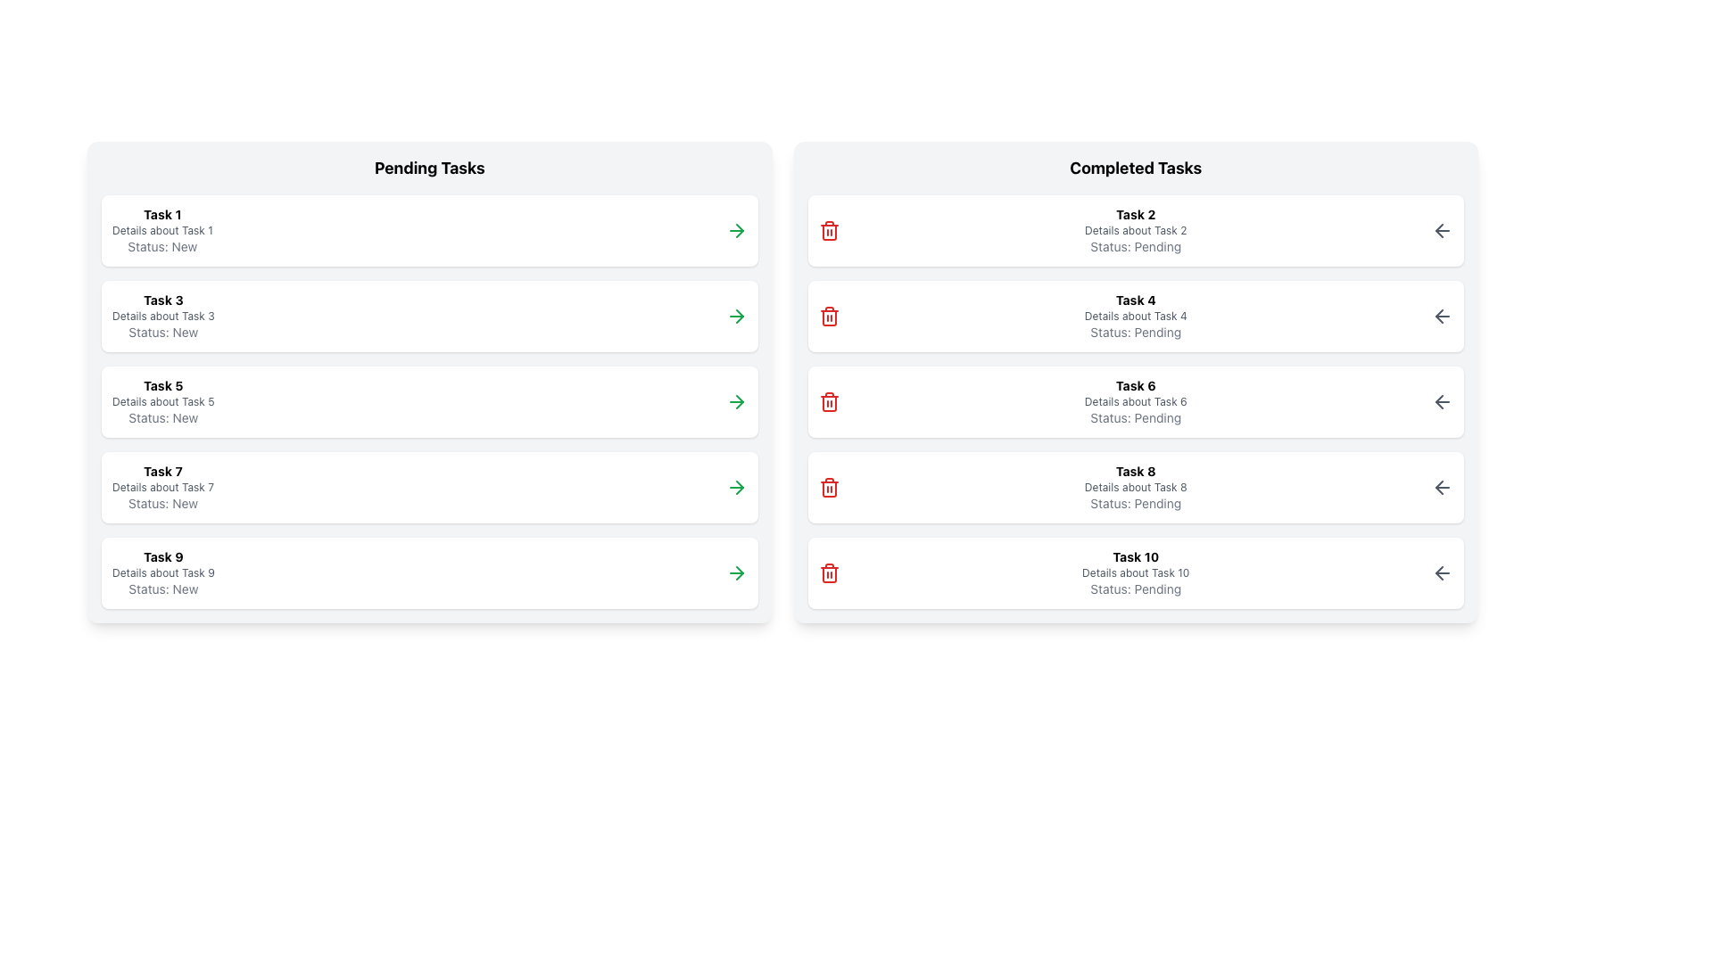 This screenshot has height=963, width=1713. I want to click on the Text label at the top of the 'Completed Tasks' column, so click(1134, 556).